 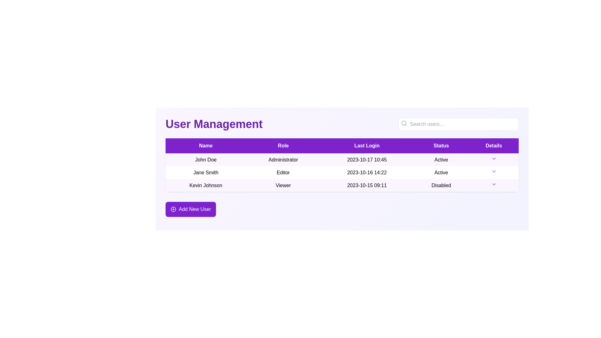 I want to click on the SVG Circle Element that is part of the search icon group located at the top-right corner of the interface, adjacent to the search box with placeholder text 'Search users...', so click(x=404, y=123).